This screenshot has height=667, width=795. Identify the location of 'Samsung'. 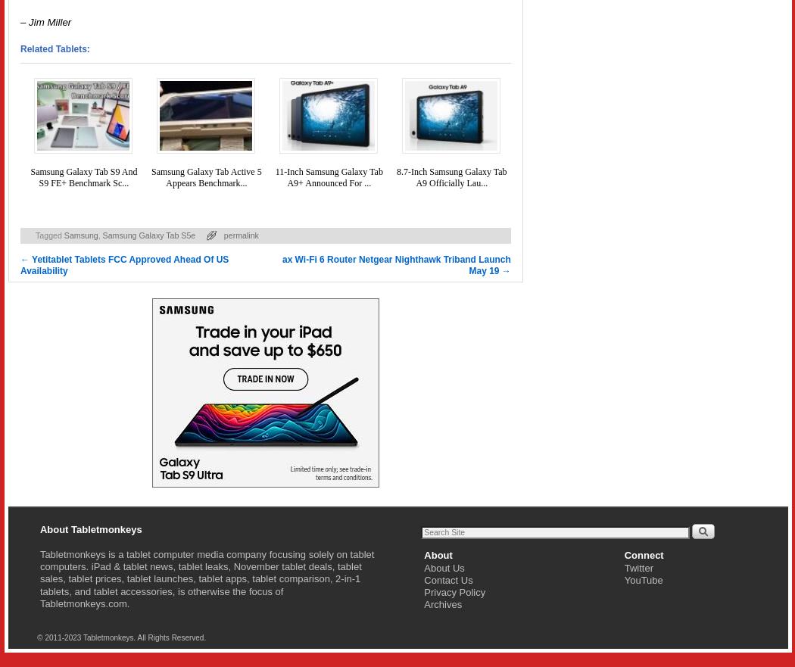
(80, 235).